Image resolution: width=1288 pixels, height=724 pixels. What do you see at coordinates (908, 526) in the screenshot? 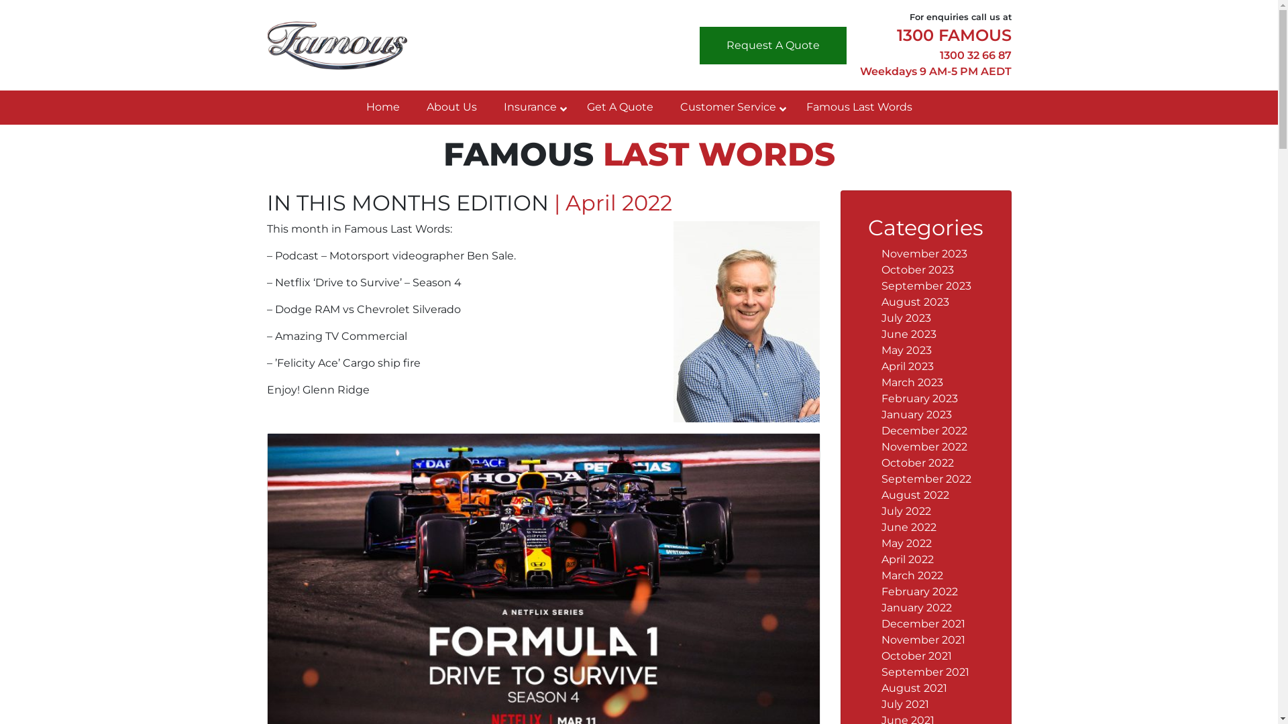
I see `'June 2022'` at bounding box center [908, 526].